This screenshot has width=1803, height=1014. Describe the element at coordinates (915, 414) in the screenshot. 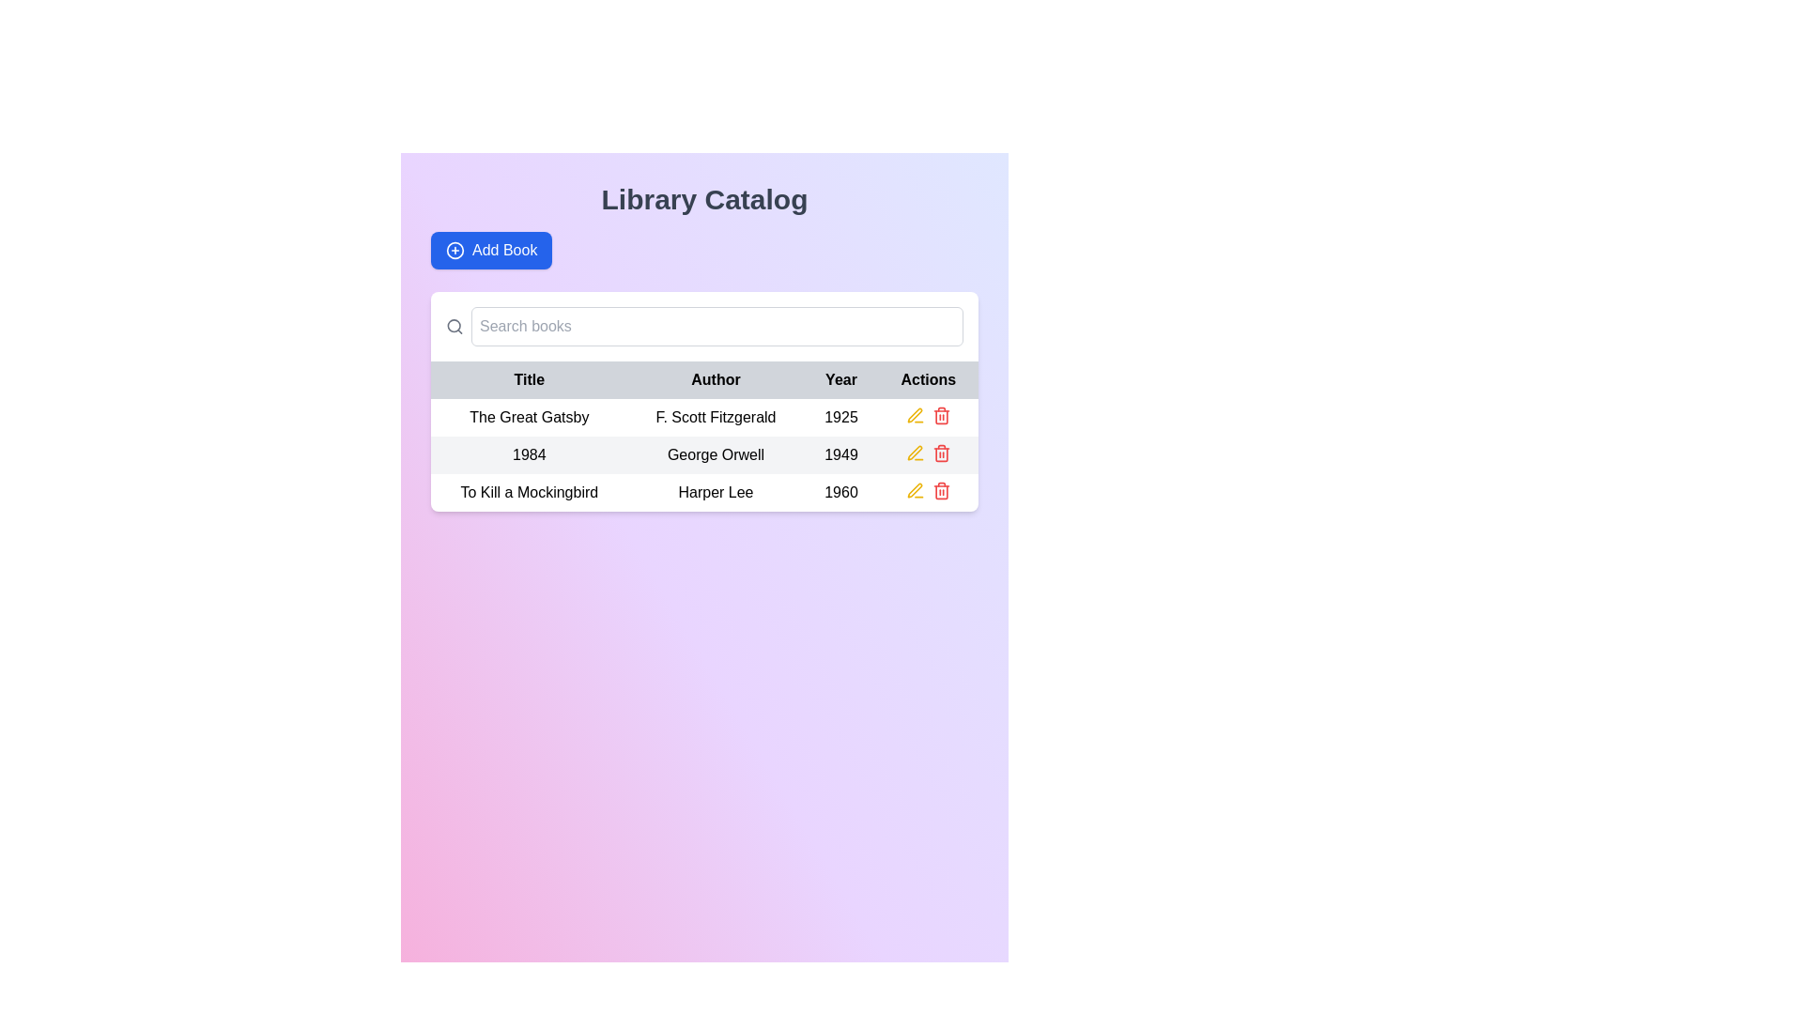

I see `the second pen icon in the 'Actions' column of the table` at that location.